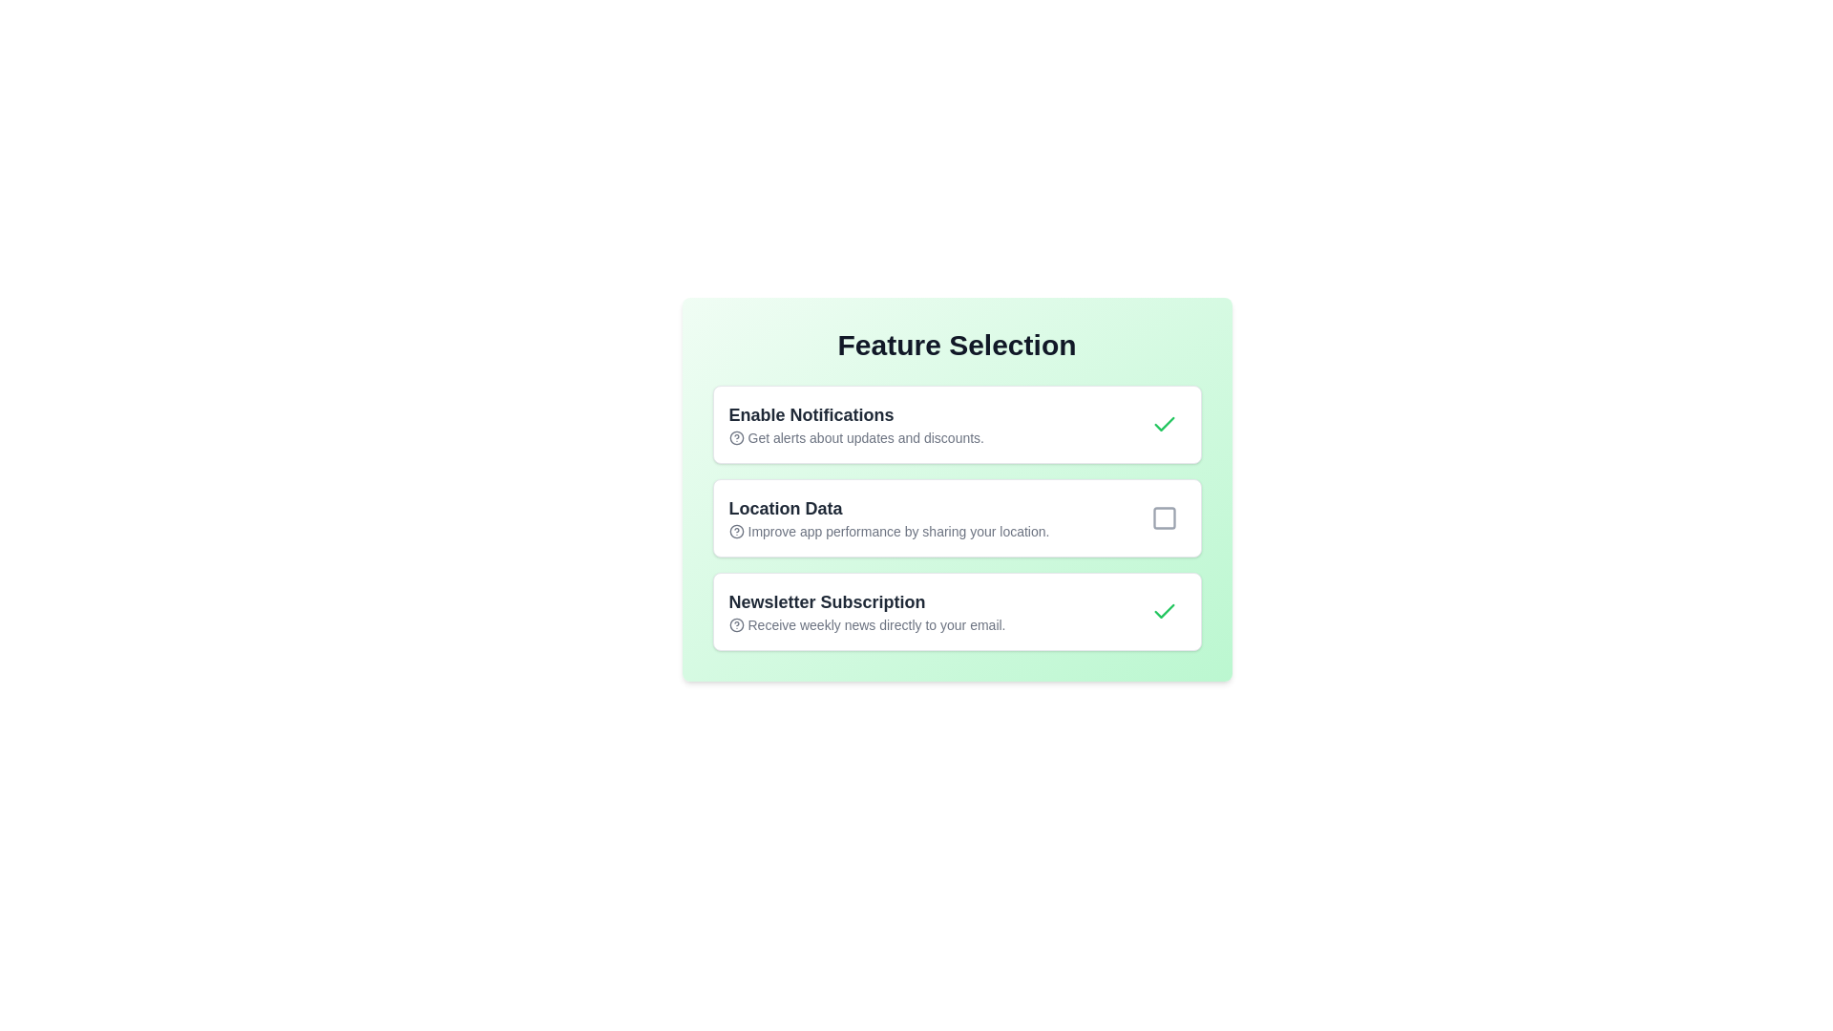 This screenshot has width=1833, height=1031. What do you see at coordinates (735, 625) in the screenshot?
I see `the center circle of the 'Newsletter Subscription' icon within the SVG that represents the subscription settings` at bounding box center [735, 625].